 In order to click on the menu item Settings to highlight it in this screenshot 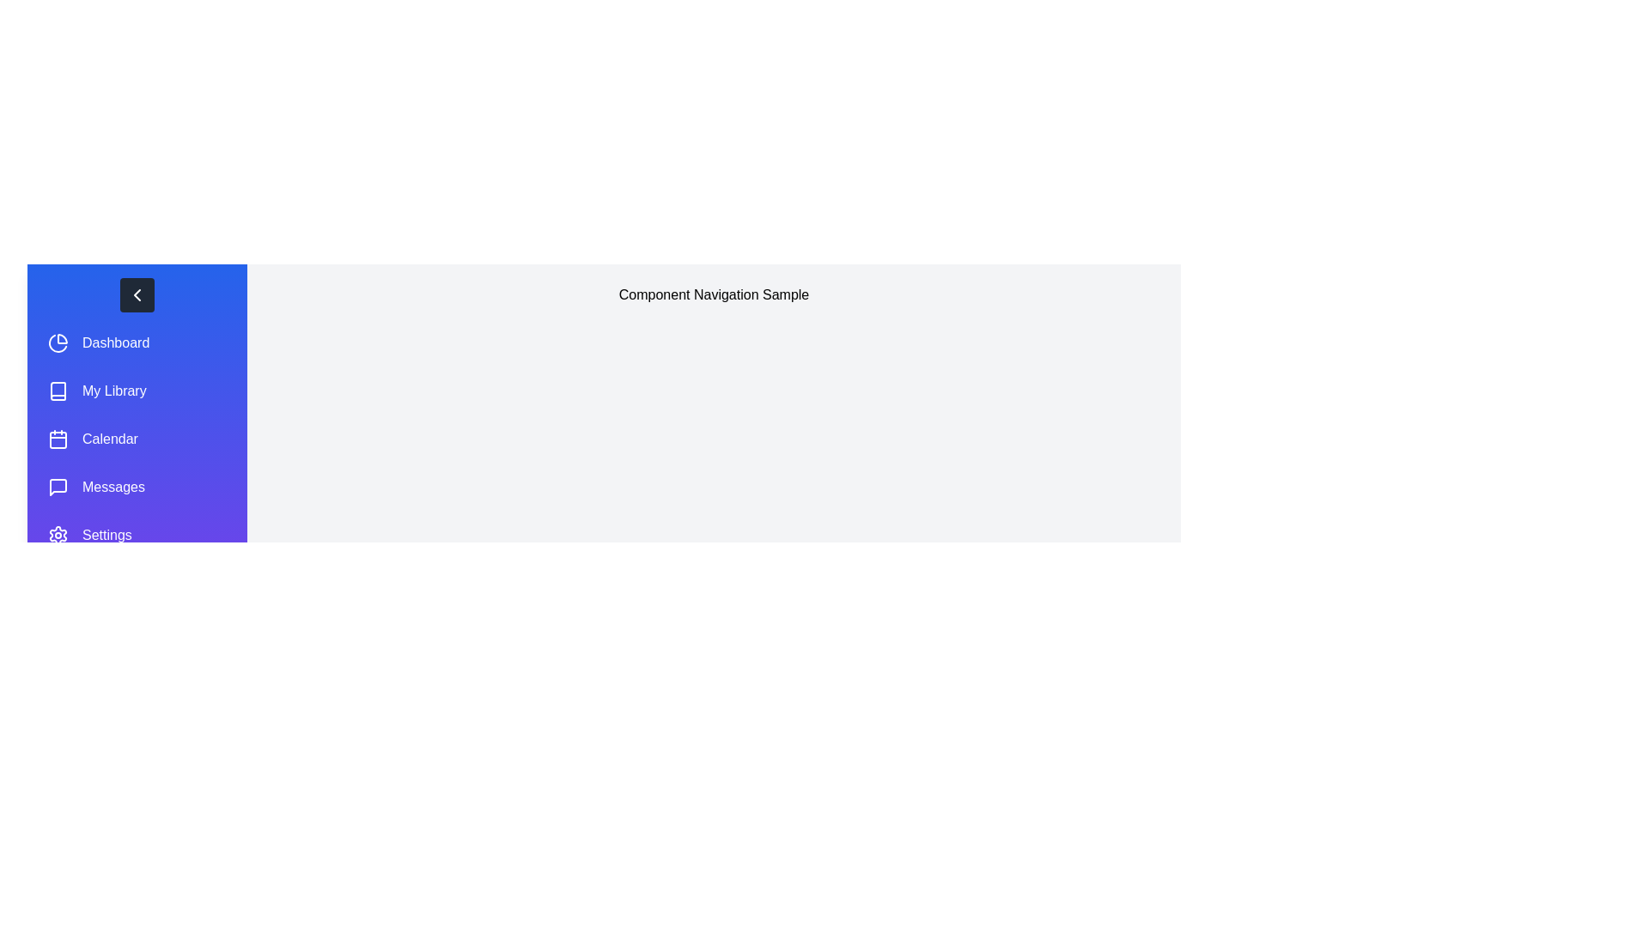, I will do `click(136, 535)`.